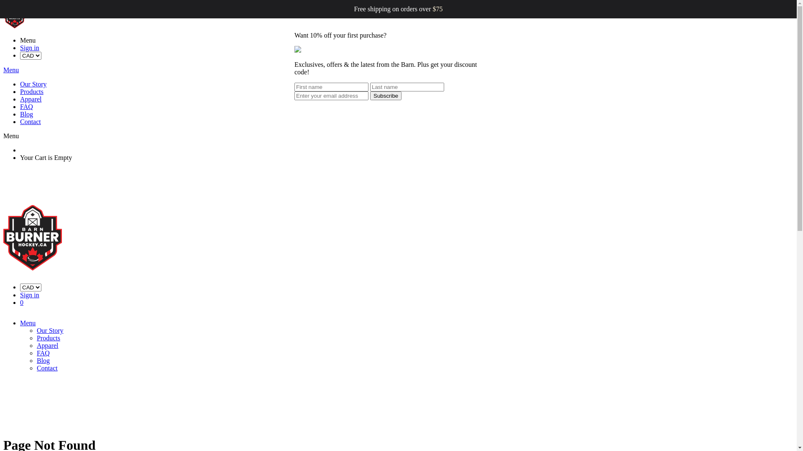 The width and height of the screenshot is (803, 451). I want to click on 'Contact', so click(36, 367).